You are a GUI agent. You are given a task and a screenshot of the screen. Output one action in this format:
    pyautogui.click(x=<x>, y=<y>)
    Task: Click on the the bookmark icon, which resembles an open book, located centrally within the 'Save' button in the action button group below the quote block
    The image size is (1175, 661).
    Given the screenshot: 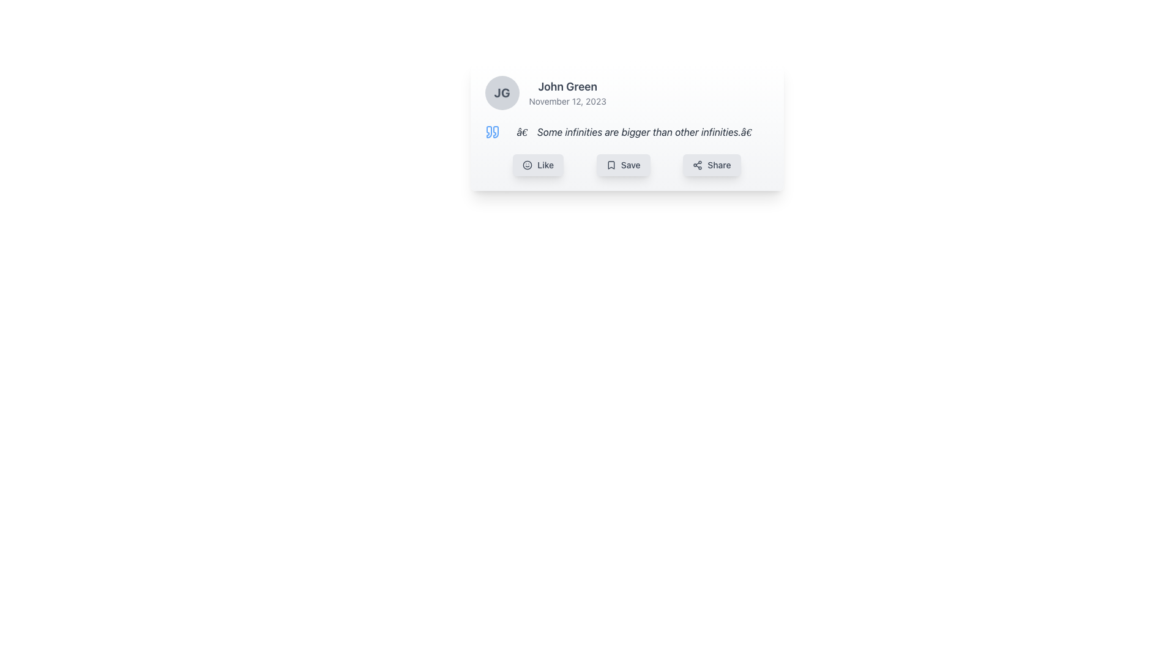 What is the action you would take?
    pyautogui.click(x=611, y=165)
    